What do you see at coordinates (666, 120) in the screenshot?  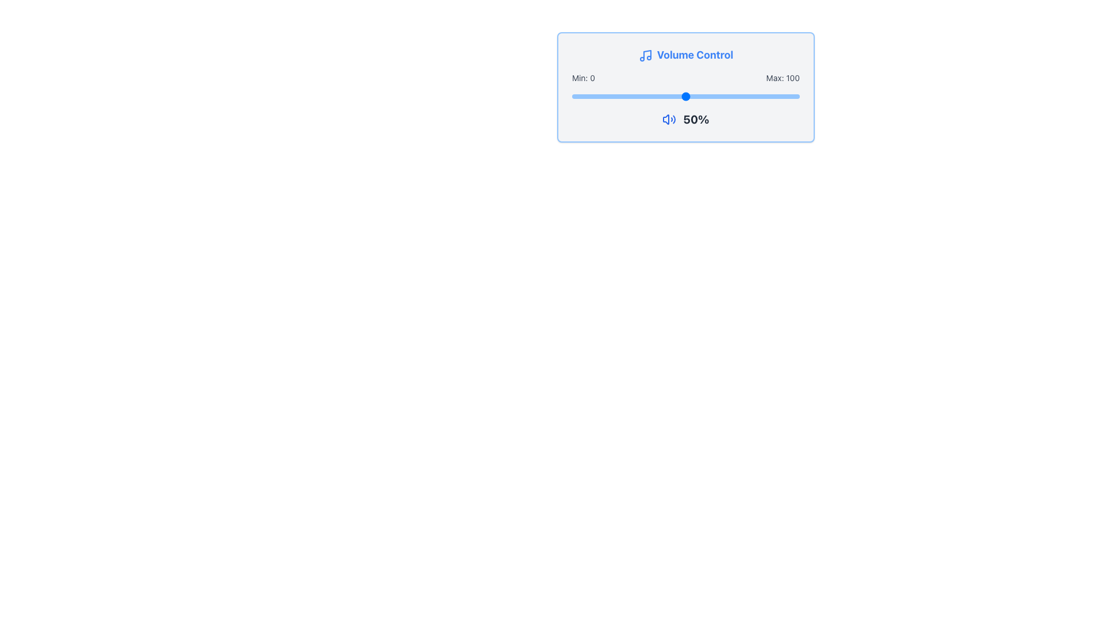 I see `the volume control icon, which is a decorative speaker-with-waves shape located in the top-left corner of the card, near the 'Volume Control' text header` at bounding box center [666, 120].